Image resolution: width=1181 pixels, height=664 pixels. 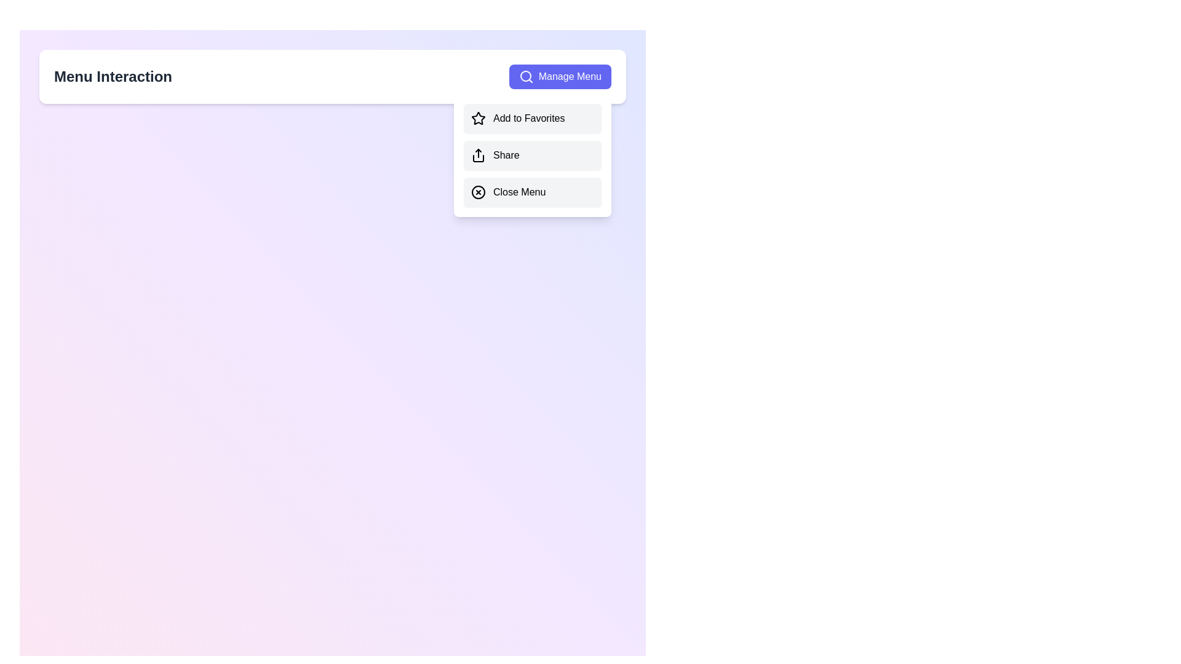 What do you see at coordinates (532, 155) in the screenshot?
I see `the 'Share' button located in the middle of a vertical stack of three buttons in the dropdown menu, positioned between 'Add to Favorites' and 'Close Menu'` at bounding box center [532, 155].